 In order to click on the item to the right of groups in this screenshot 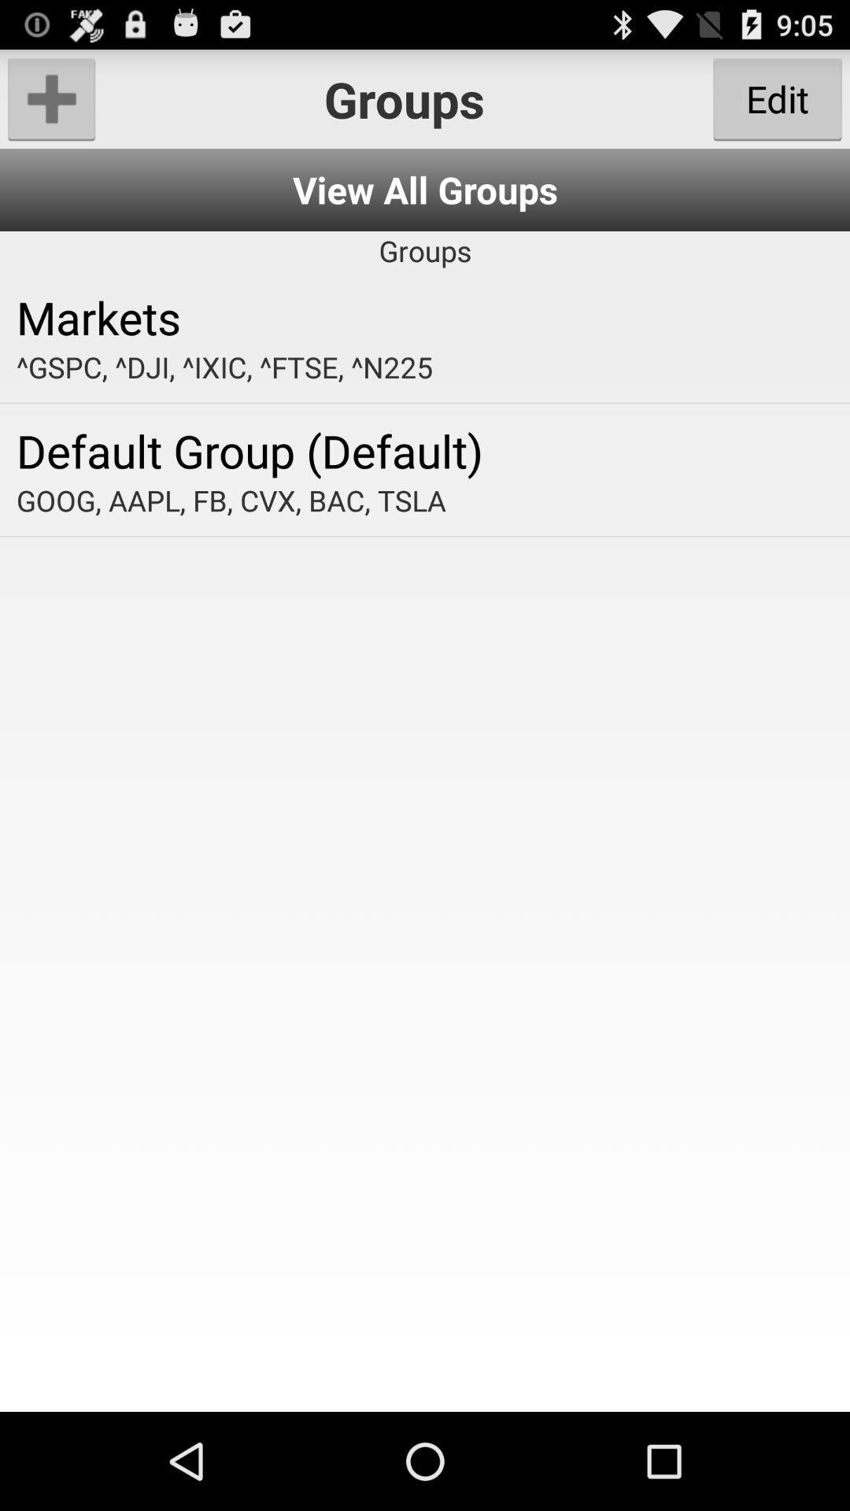, I will do `click(777, 98)`.